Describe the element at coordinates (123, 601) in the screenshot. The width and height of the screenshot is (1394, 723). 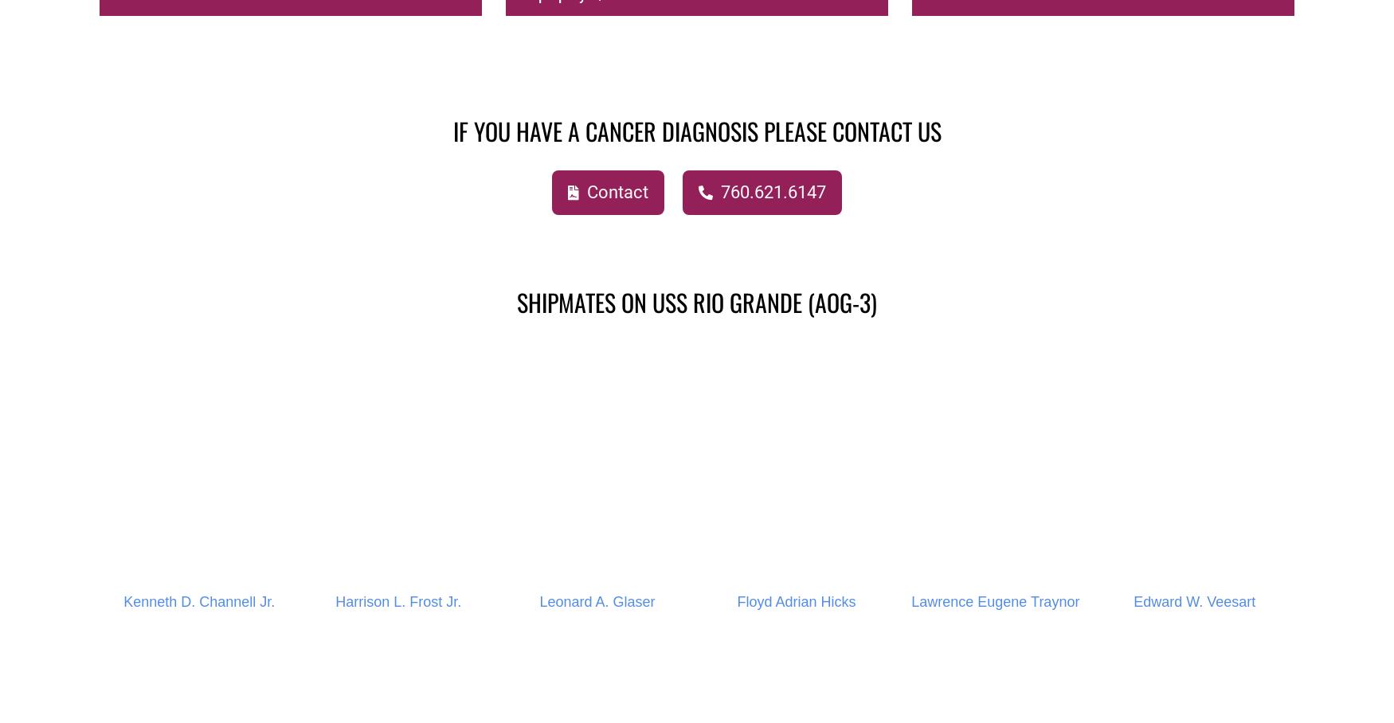
I see `'Kenneth D. Channell Jr.'` at that location.